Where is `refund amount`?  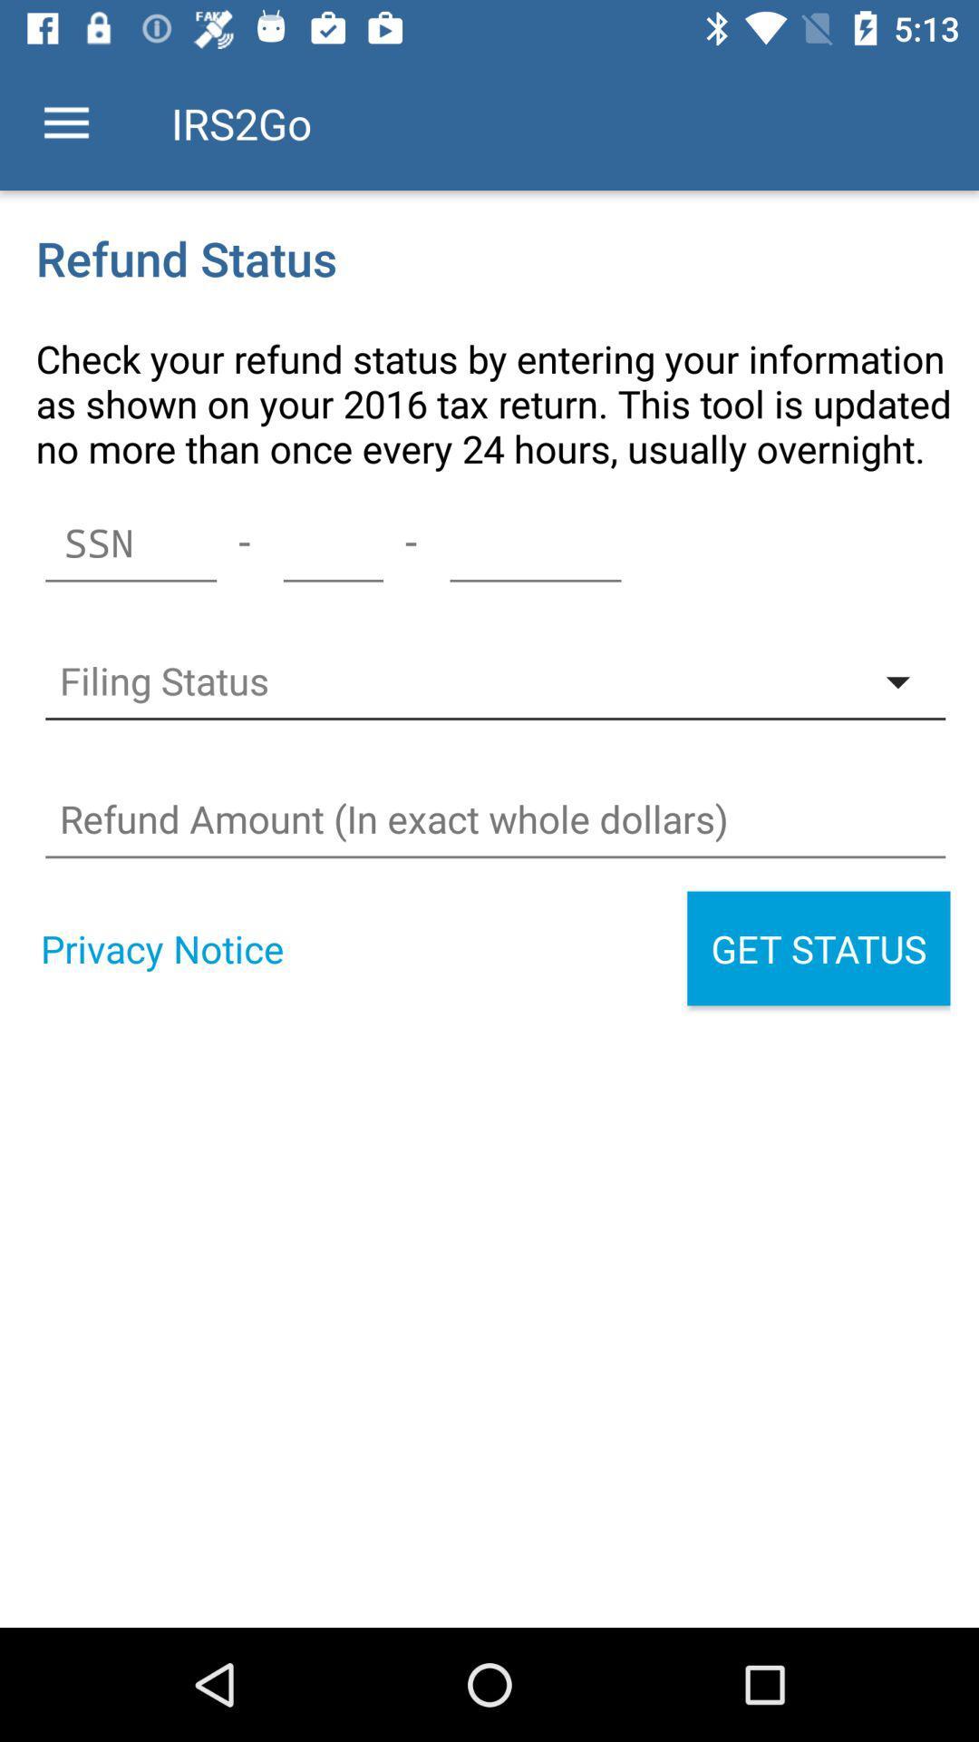
refund amount is located at coordinates (495, 818).